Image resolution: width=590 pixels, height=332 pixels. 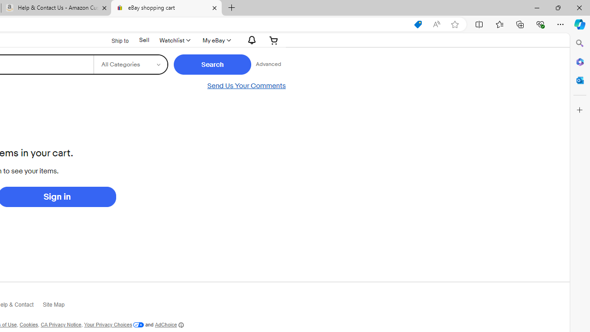 What do you see at coordinates (251, 40) in the screenshot?
I see `'AutomationID: gh-eb-Alerts'` at bounding box center [251, 40].